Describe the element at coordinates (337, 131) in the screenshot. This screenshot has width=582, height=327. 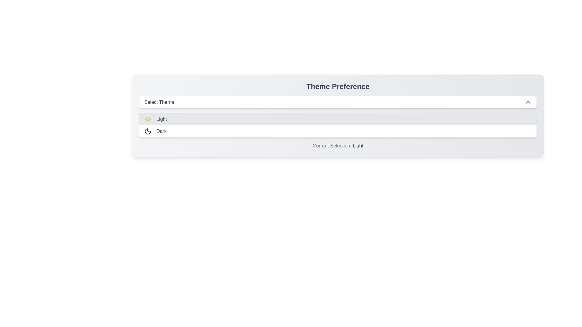
I see `the 'Dark' theme button to select it` at that location.